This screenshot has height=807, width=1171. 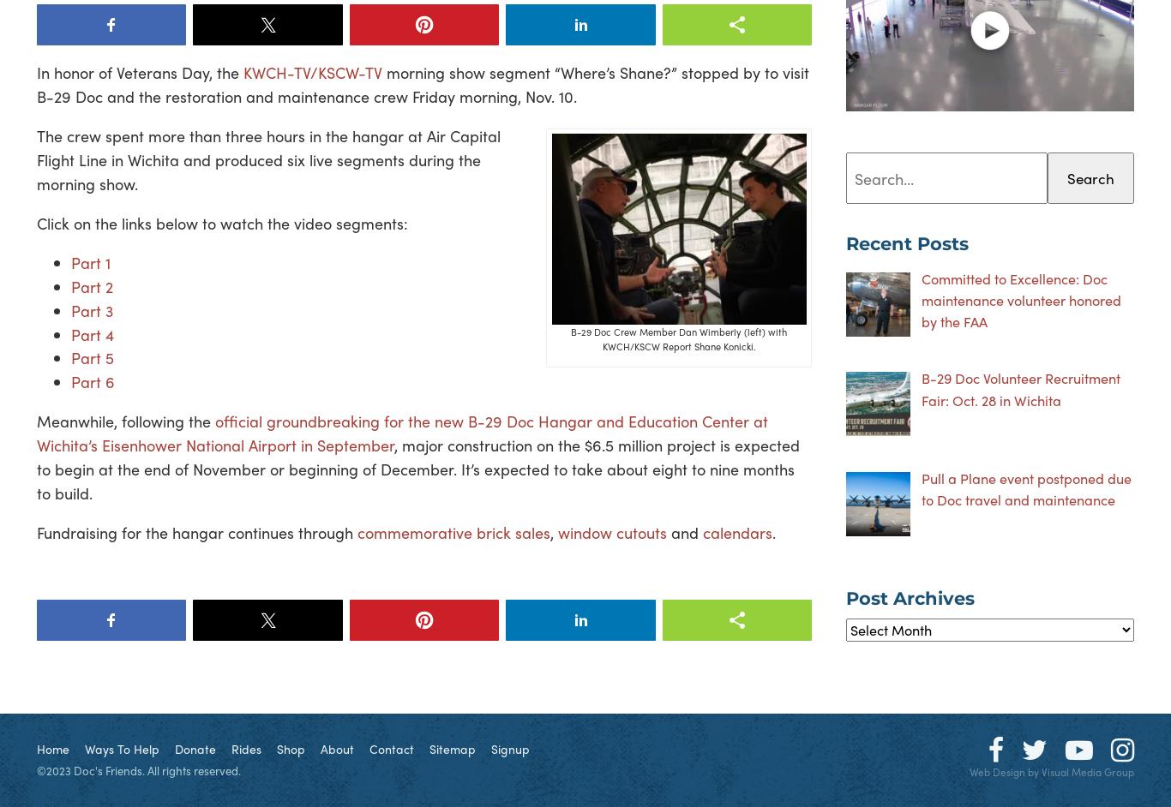 I want to click on 'Committed to Excellence: Doc maintenance volunteer honored by the FAA', so click(x=919, y=299).